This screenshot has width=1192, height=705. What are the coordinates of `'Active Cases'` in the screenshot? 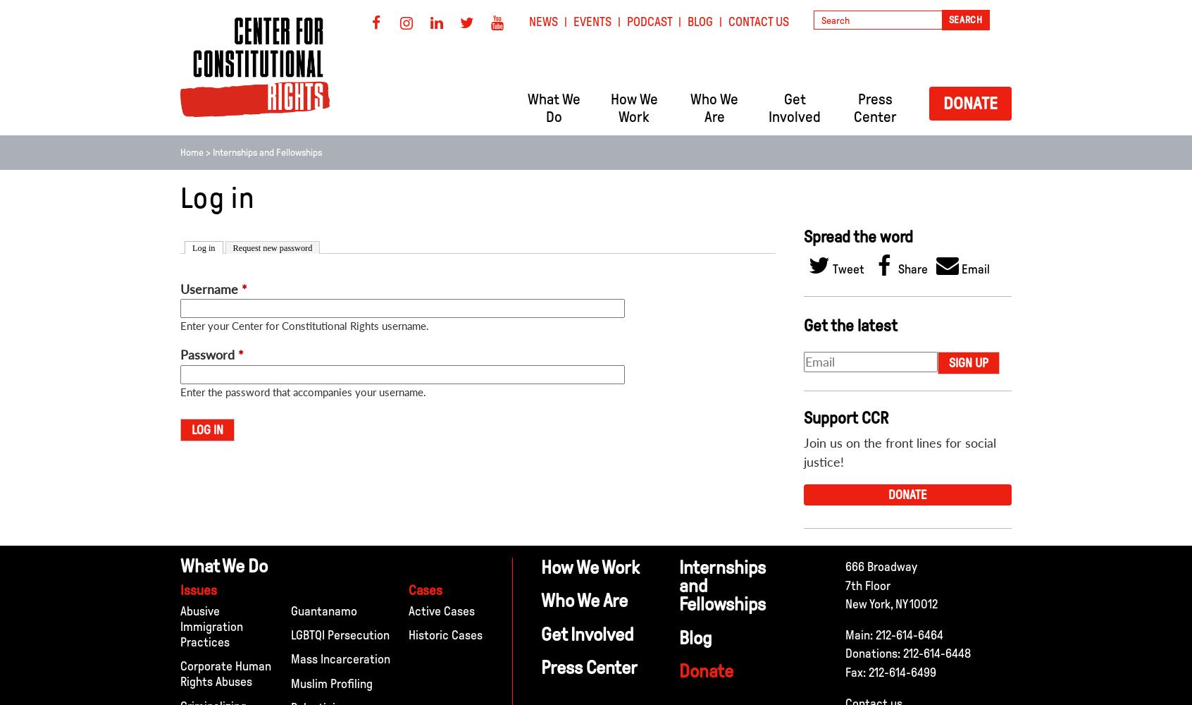 It's located at (440, 610).